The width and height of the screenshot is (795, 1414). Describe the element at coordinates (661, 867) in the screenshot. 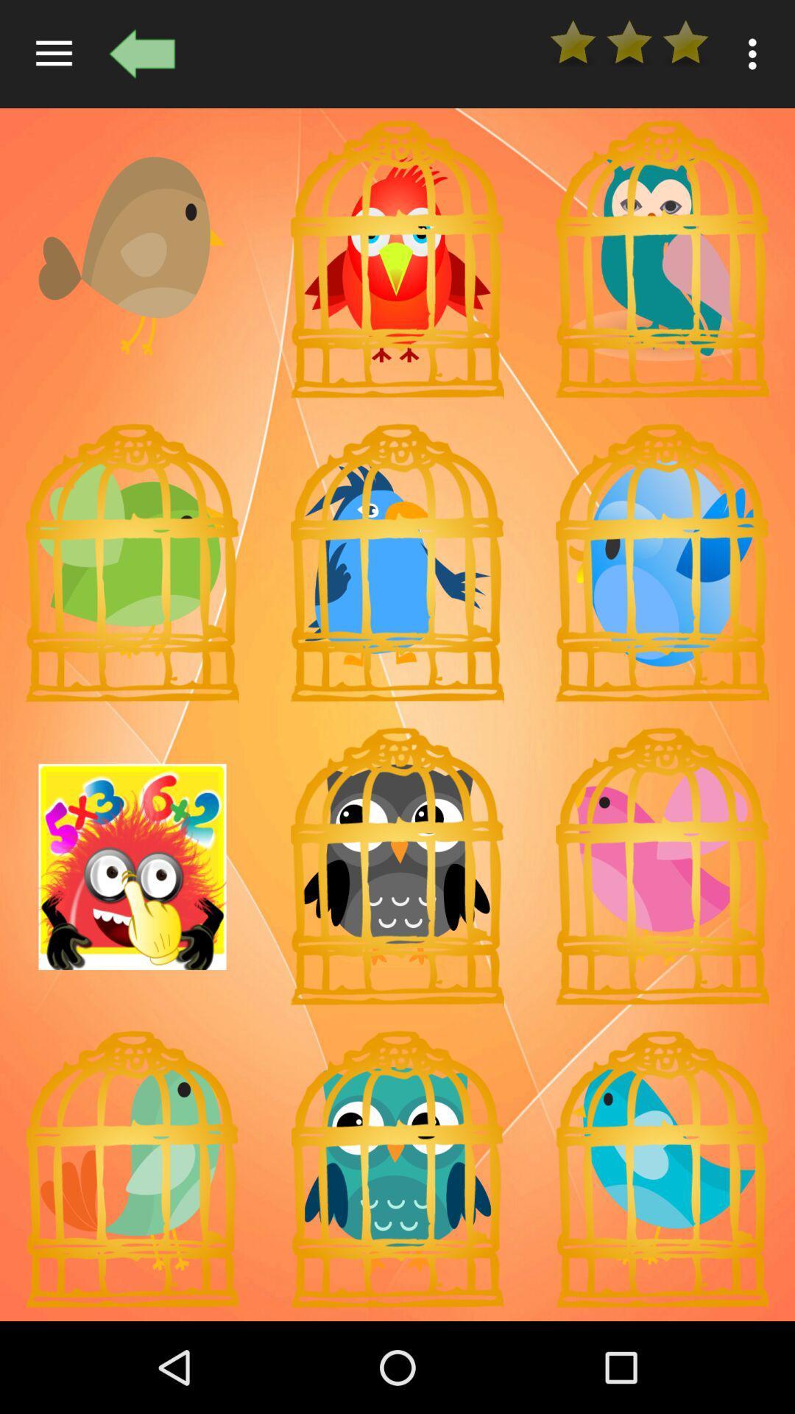

I see `bird` at that location.